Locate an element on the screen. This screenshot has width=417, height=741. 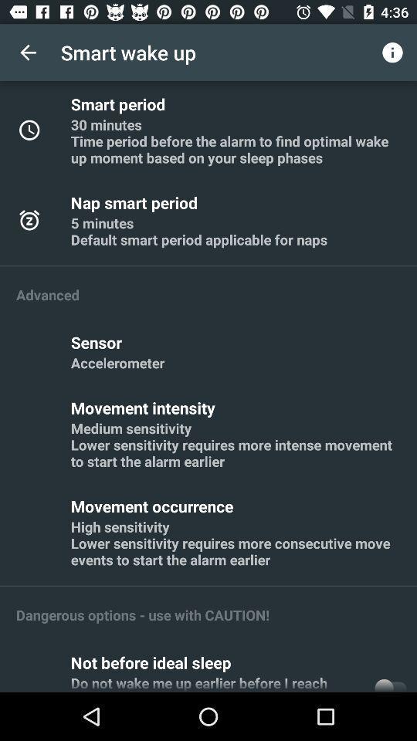
movement intensity icon is located at coordinates (145, 407).